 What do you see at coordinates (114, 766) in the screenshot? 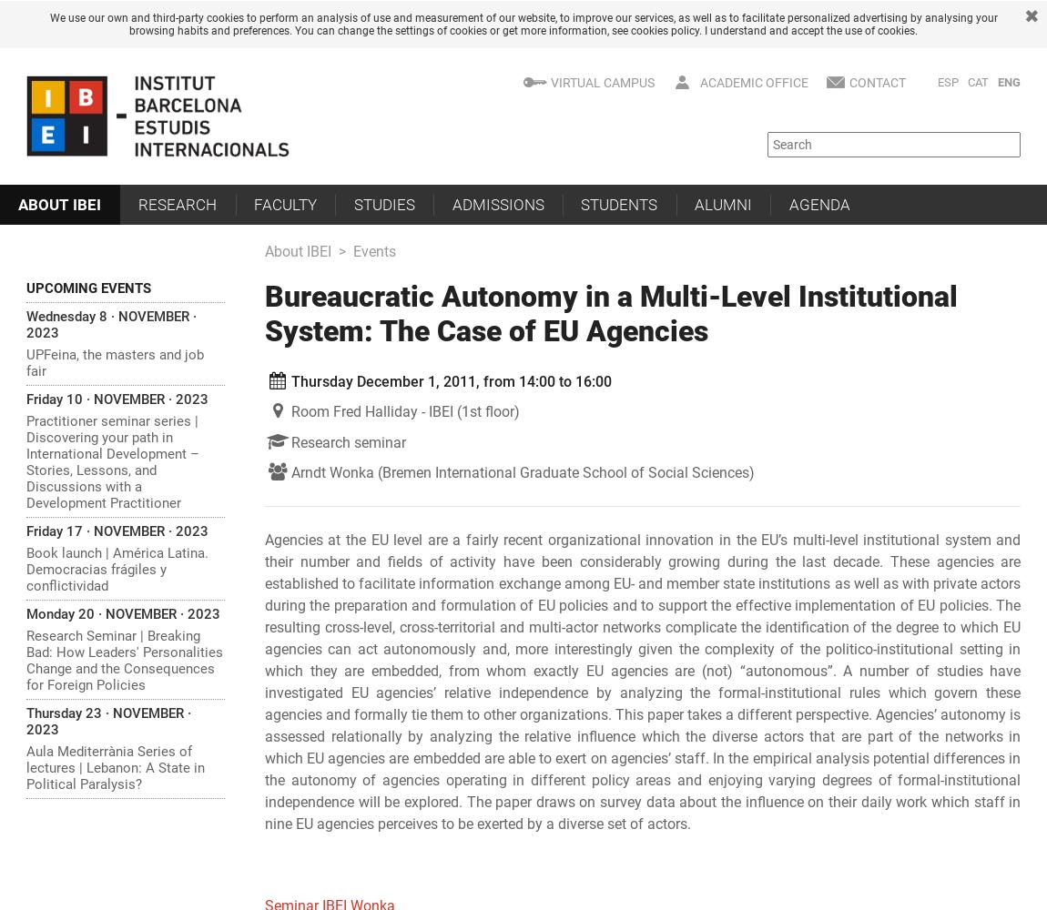
I see `'Aula Mediterrània Series of lectures | Lebanon: A State in Political Paralysis?'` at bounding box center [114, 766].